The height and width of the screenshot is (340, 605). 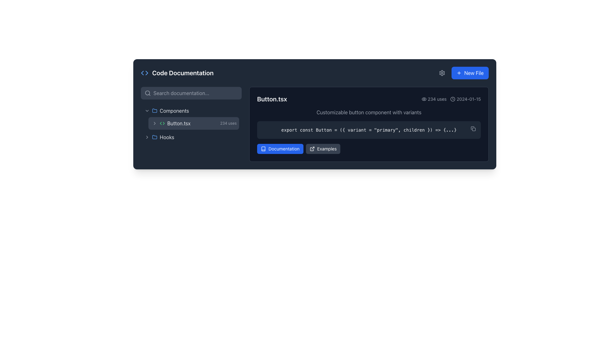 I want to click on the gear-shaped icon button in the top-right corner of the dark-themed user interface, so click(x=442, y=72).